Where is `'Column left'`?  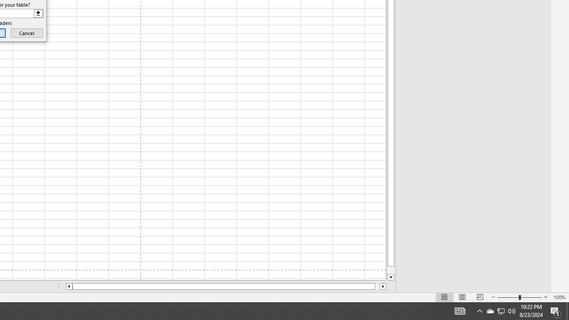 'Column left' is located at coordinates (68, 286).